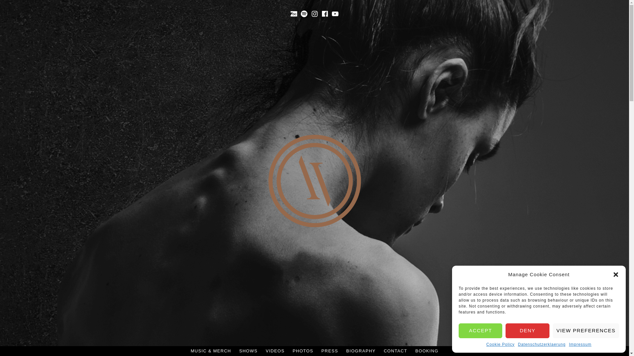  Describe the element at coordinates (580, 344) in the screenshot. I see `'Impressum'` at that location.